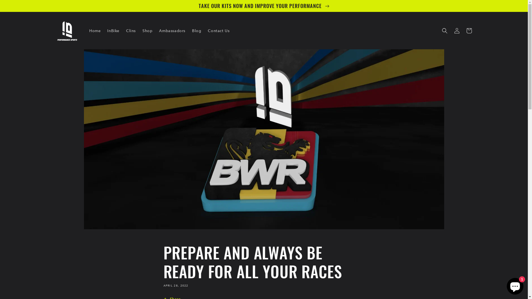 This screenshot has height=299, width=532. I want to click on 'Shop', so click(147, 31).